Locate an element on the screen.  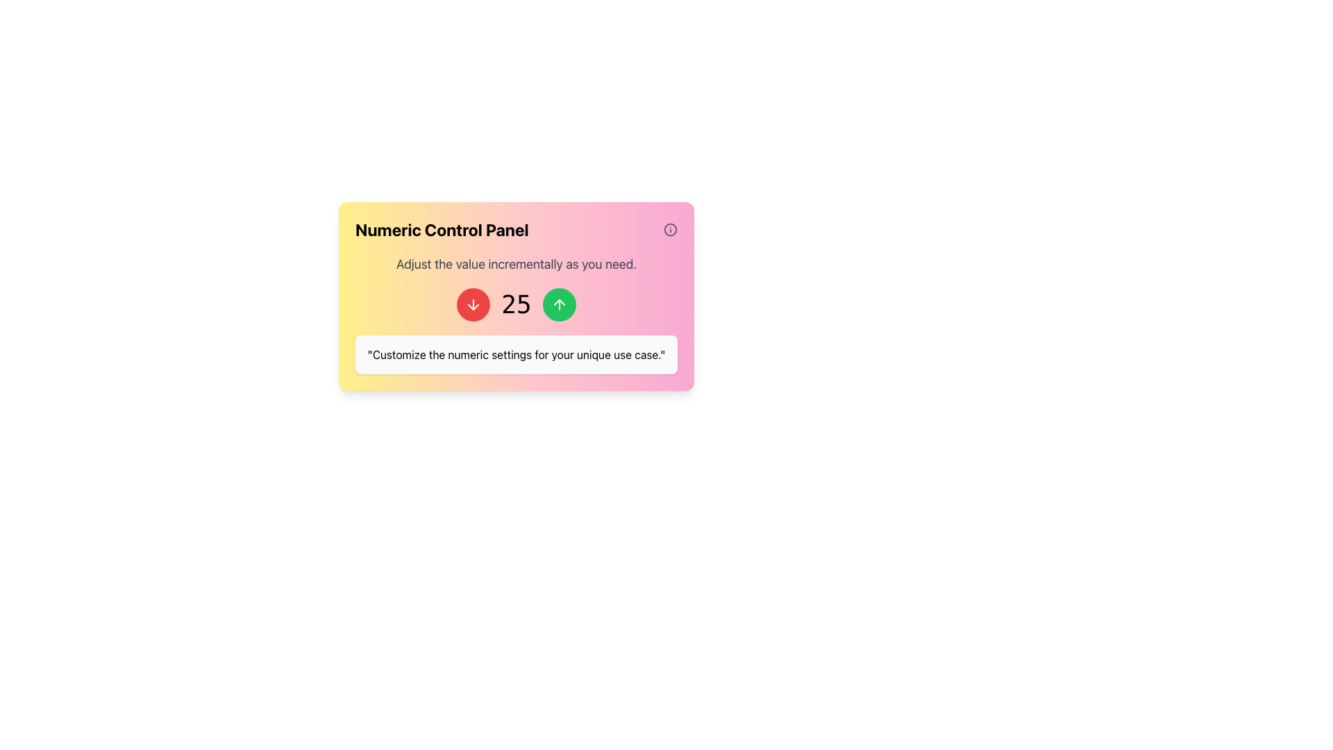
the bold textual heading 'Numeric Control Panel' to focus on it, which is located at the top-left corner of the interface and has a gradient background from yellow to pink is located at coordinates (441, 229).